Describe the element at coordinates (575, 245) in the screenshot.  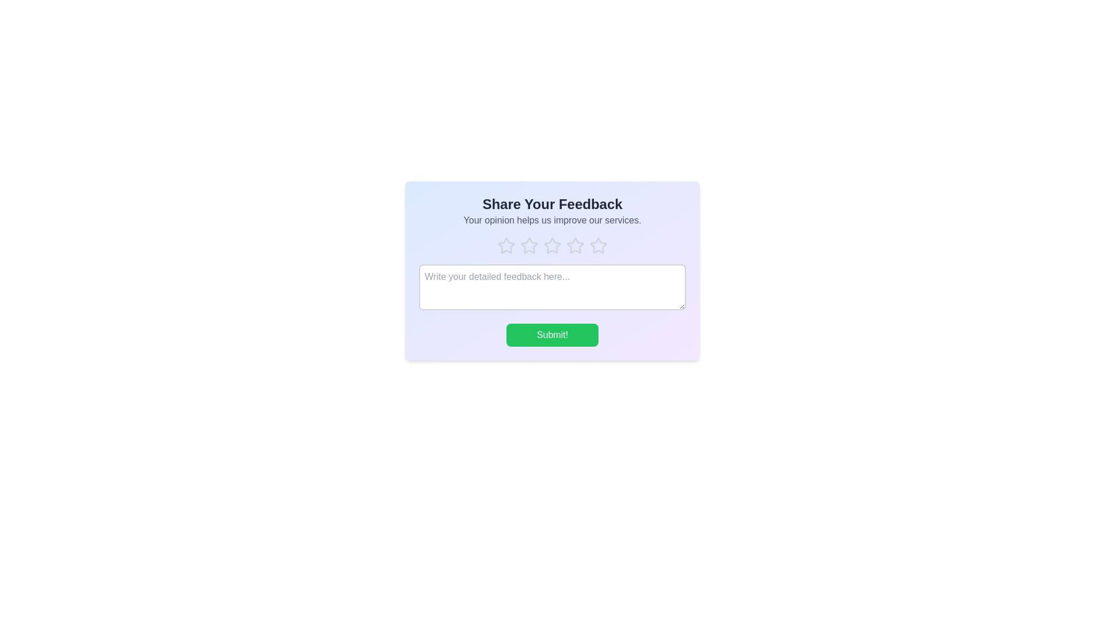
I see `the rating to 4 by clicking on the corresponding star` at that location.